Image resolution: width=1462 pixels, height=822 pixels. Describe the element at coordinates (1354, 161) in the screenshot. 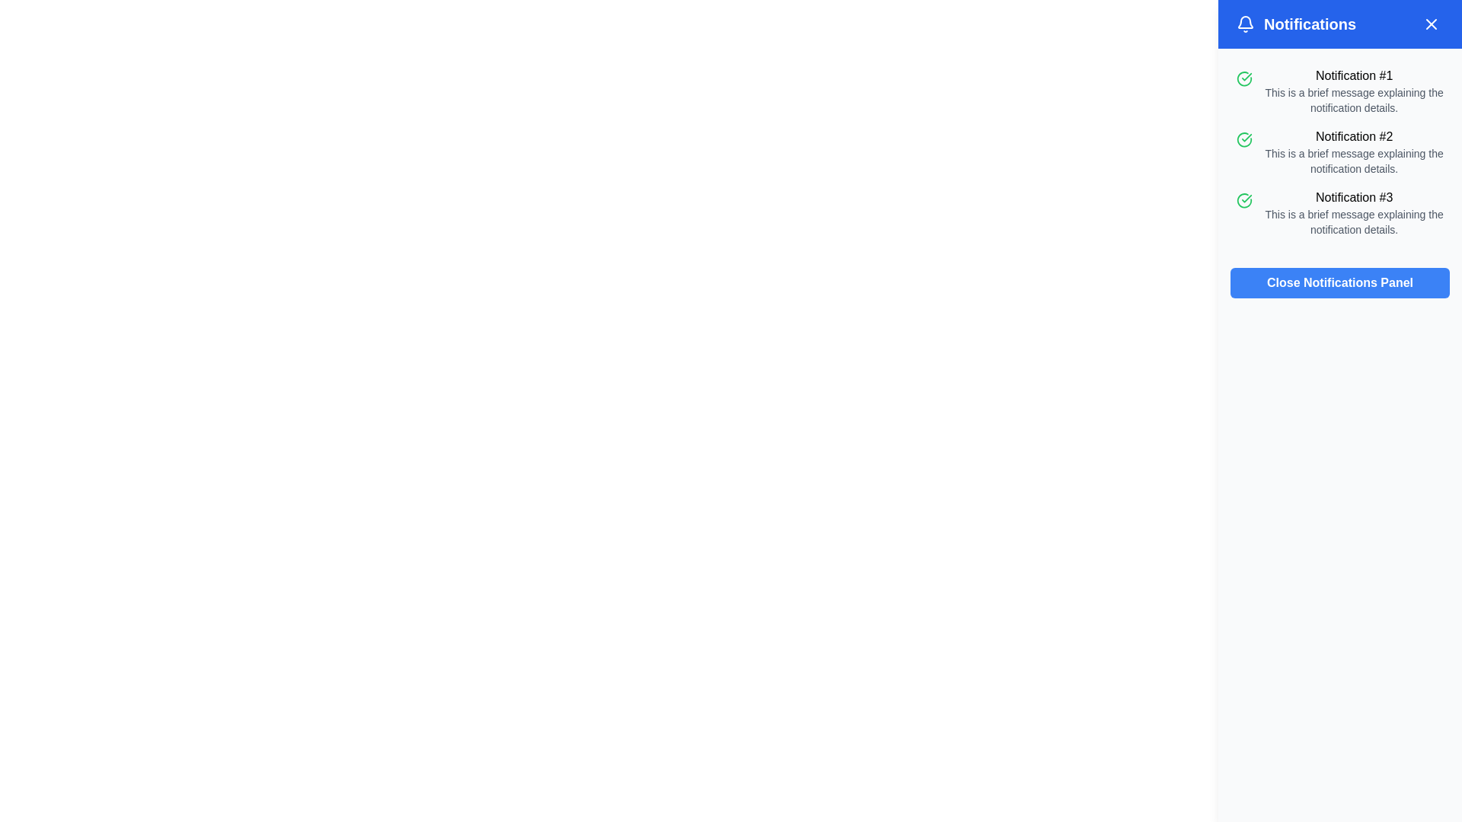

I see `text label under the heading 'Notification #2' that states: 'This is a brief message explaining the notification details.'` at that location.